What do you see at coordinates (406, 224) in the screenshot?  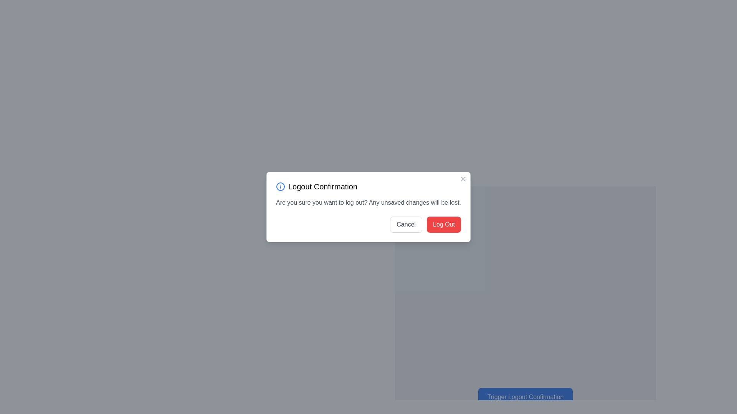 I see `the 'Cancel' button located in the 'Logout Confirmation' dialog box` at bounding box center [406, 224].